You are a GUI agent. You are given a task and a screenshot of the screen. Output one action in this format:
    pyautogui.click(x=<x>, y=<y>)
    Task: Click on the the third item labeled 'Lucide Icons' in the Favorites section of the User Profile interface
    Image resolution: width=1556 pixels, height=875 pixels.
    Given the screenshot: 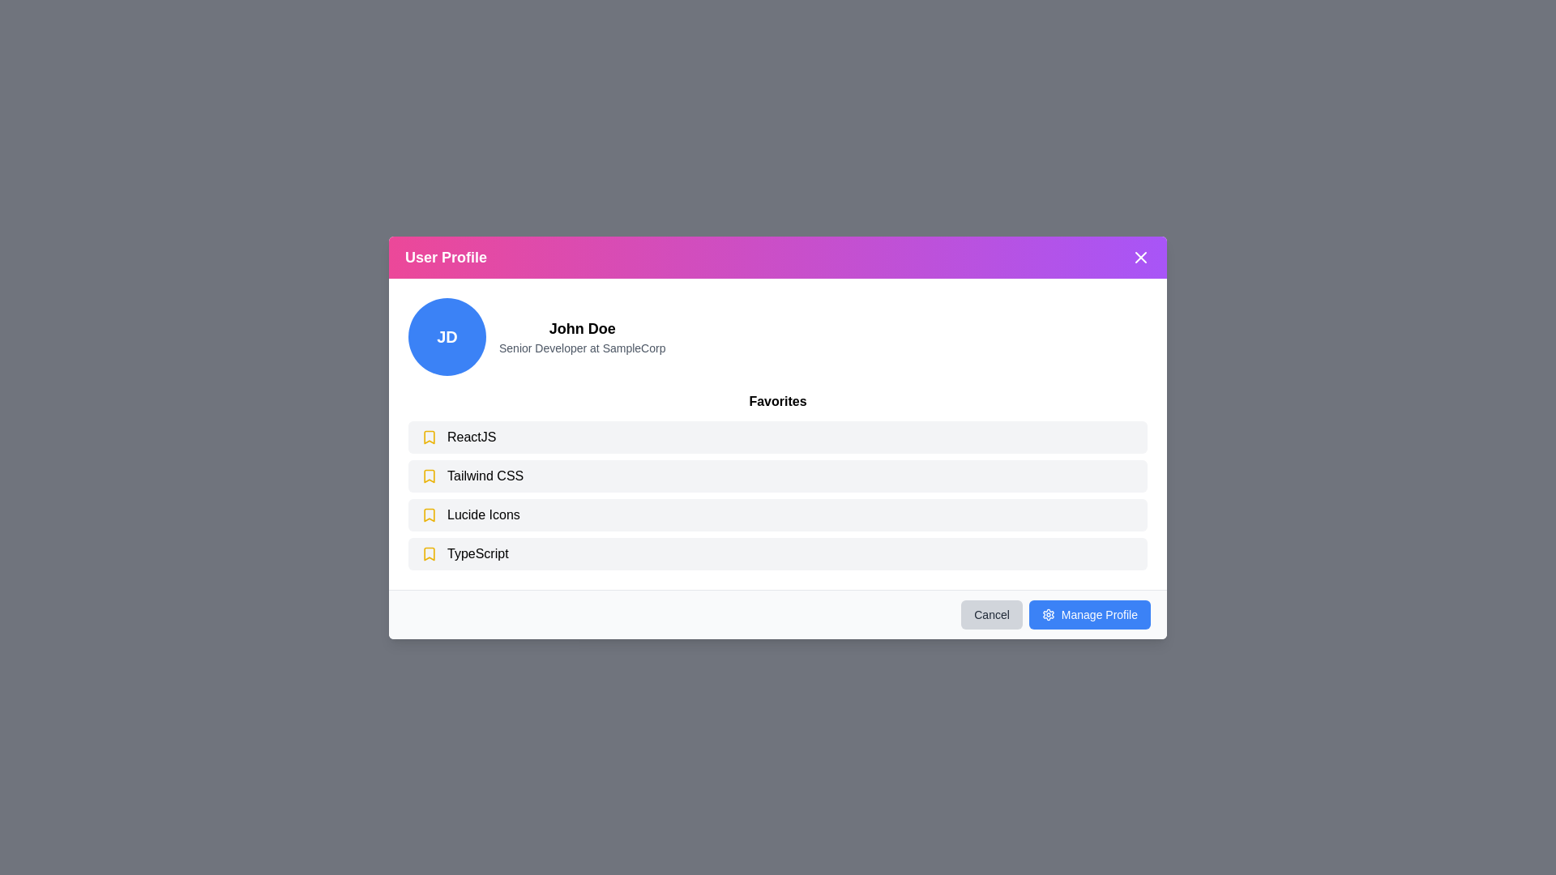 What is the action you would take?
    pyautogui.click(x=778, y=514)
    